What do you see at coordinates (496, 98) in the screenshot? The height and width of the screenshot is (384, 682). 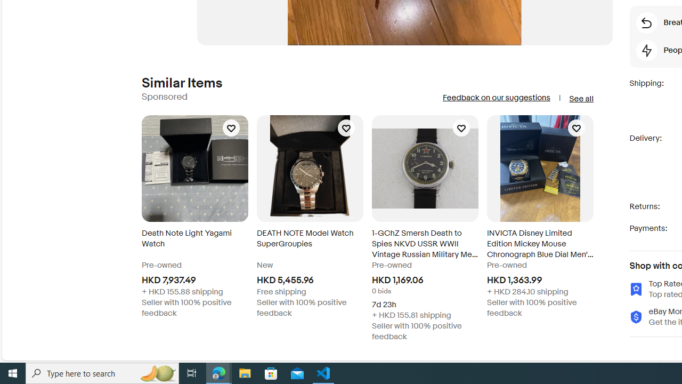 I see `'Feedback on our suggestions'` at bounding box center [496, 98].